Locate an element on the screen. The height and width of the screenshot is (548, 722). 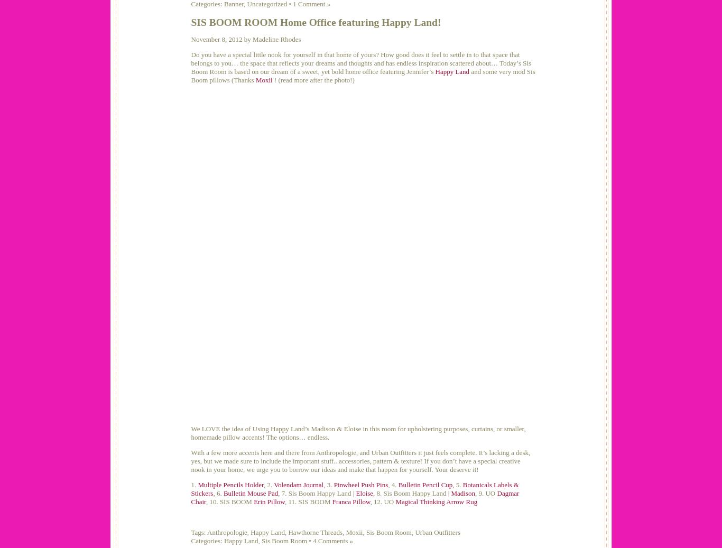
', 10. SIS BOOM' is located at coordinates (205, 501).